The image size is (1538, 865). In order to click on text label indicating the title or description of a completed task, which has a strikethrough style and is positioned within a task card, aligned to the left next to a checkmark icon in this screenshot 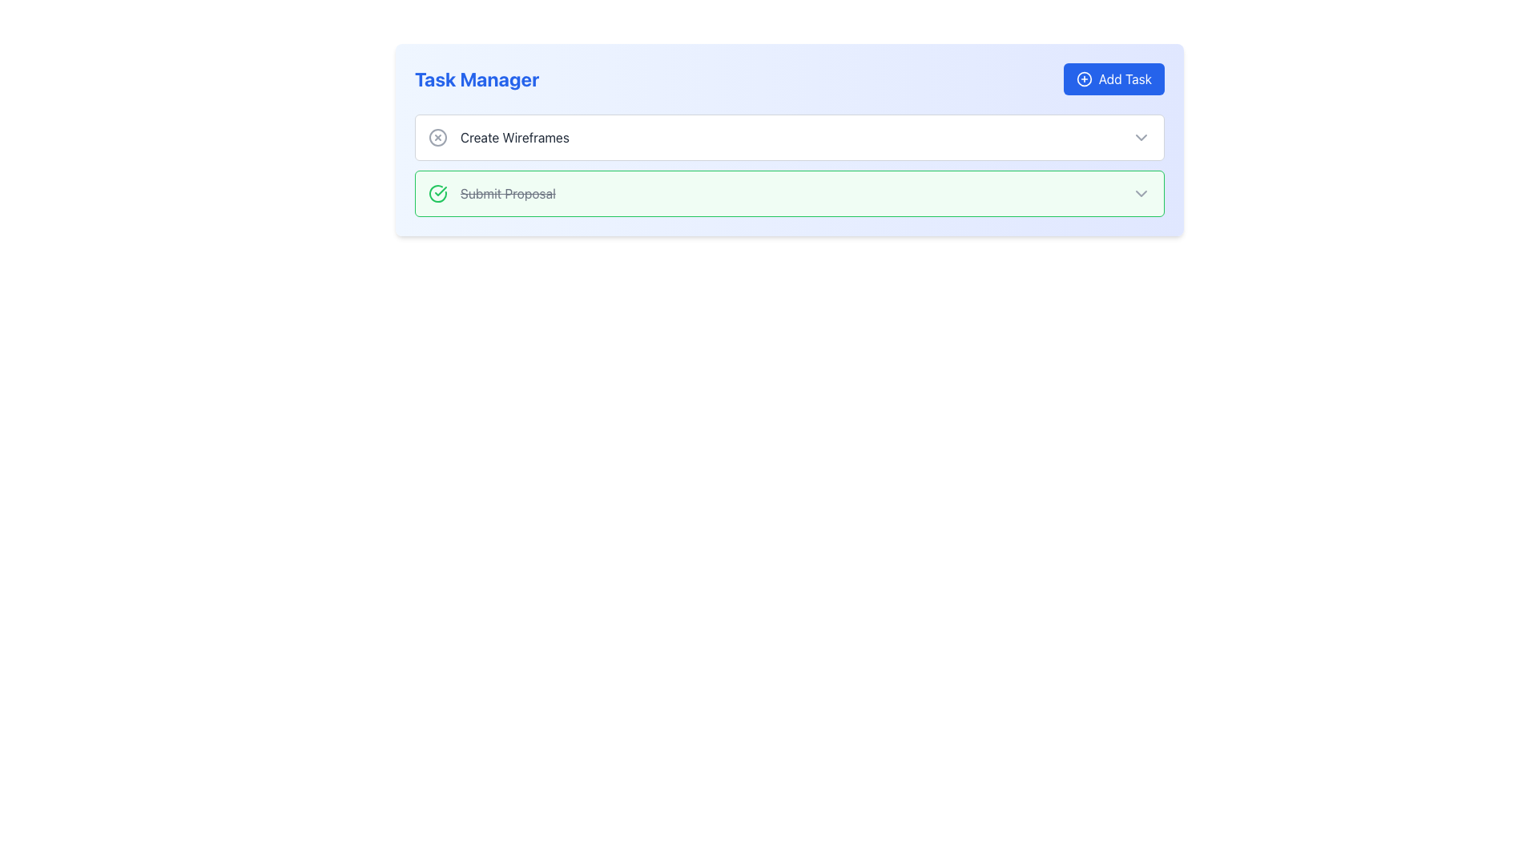, I will do `click(491, 193)`.